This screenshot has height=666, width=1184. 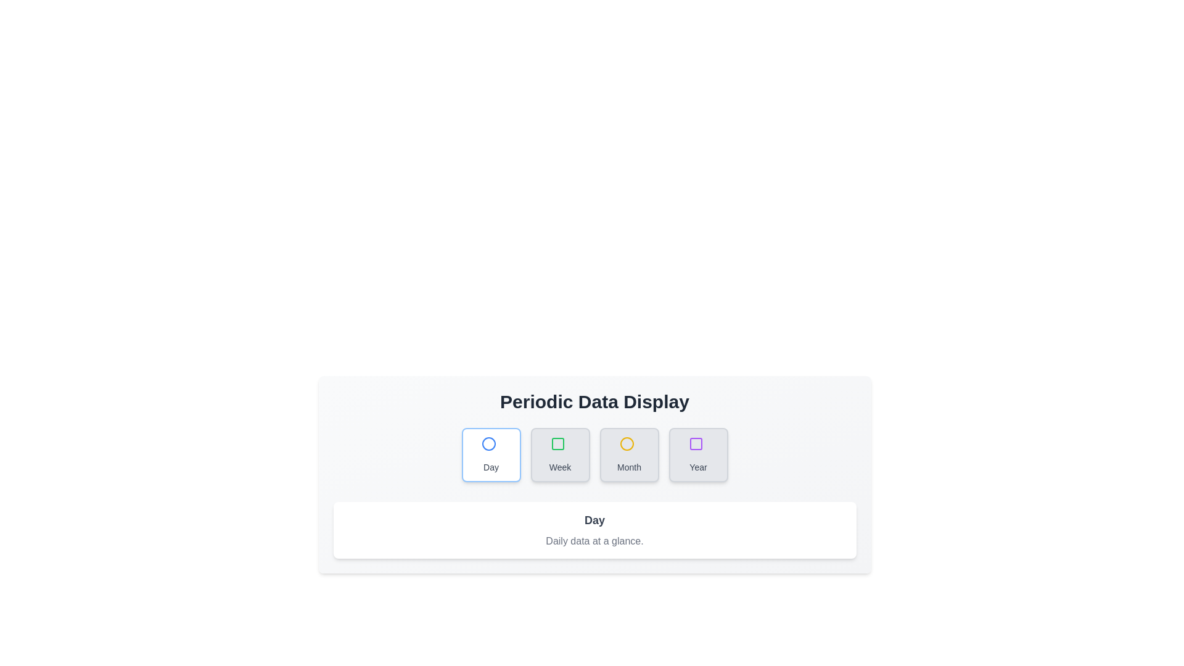 What do you see at coordinates (629, 467) in the screenshot?
I see `the 'Month' text label inside the button that is part of a group with 'Day', 'Week', and 'Year' options` at bounding box center [629, 467].